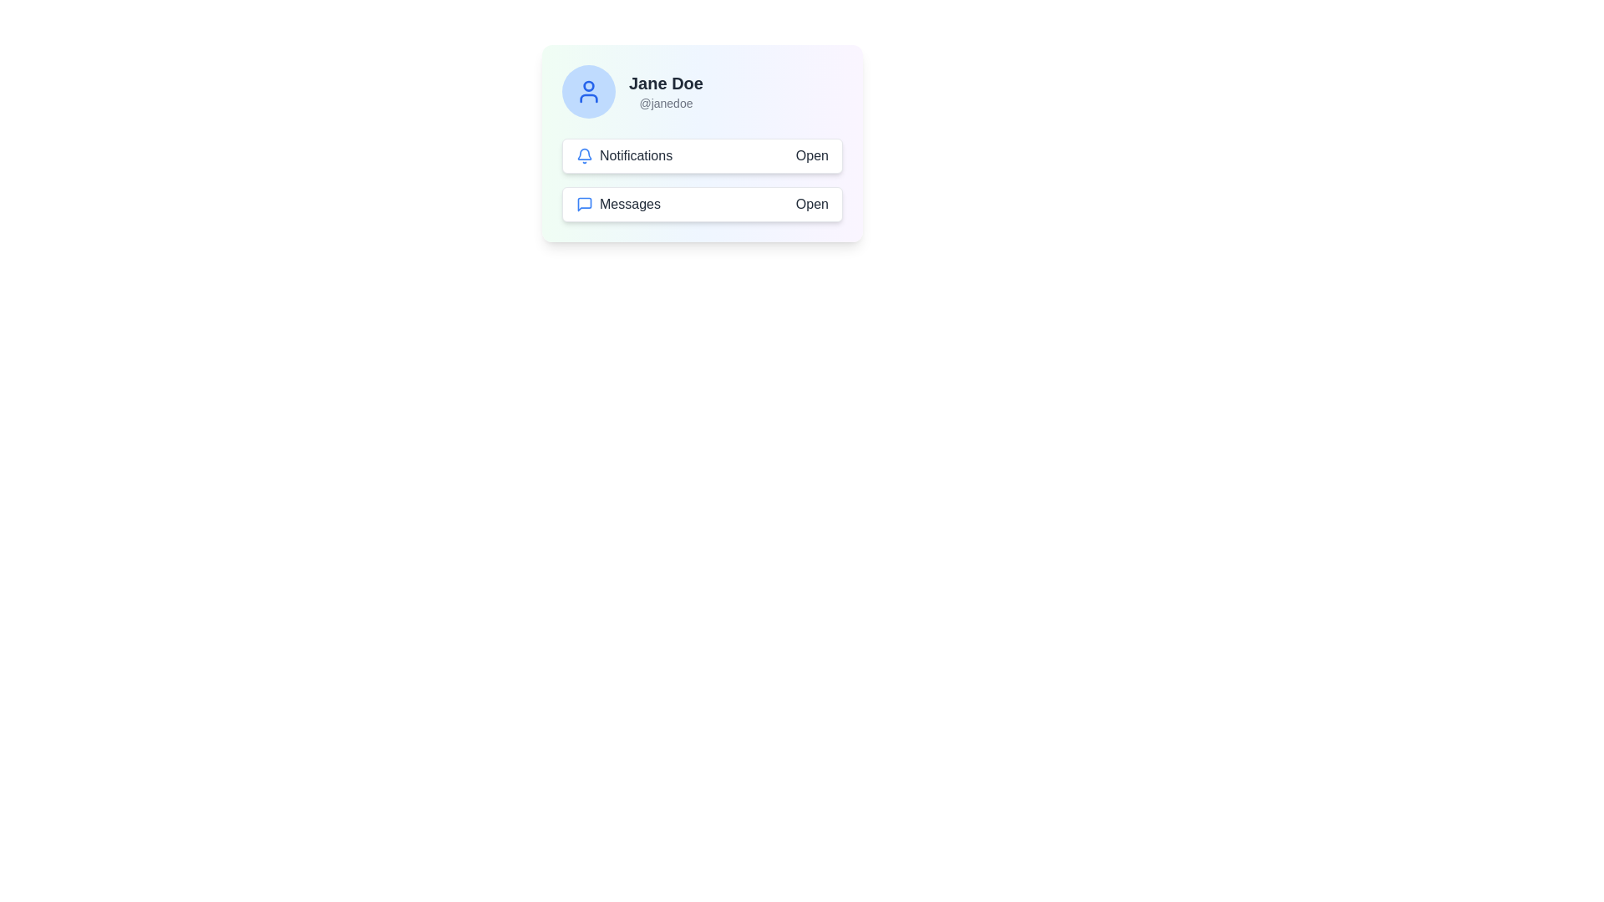 The width and height of the screenshot is (1604, 902). Describe the element at coordinates (585, 204) in the screenshot. I see `the speech bubble icon with a blue outline located next to the 'Messages' label in the second row of the menu under the user name 'Jane Doe'` at that location.